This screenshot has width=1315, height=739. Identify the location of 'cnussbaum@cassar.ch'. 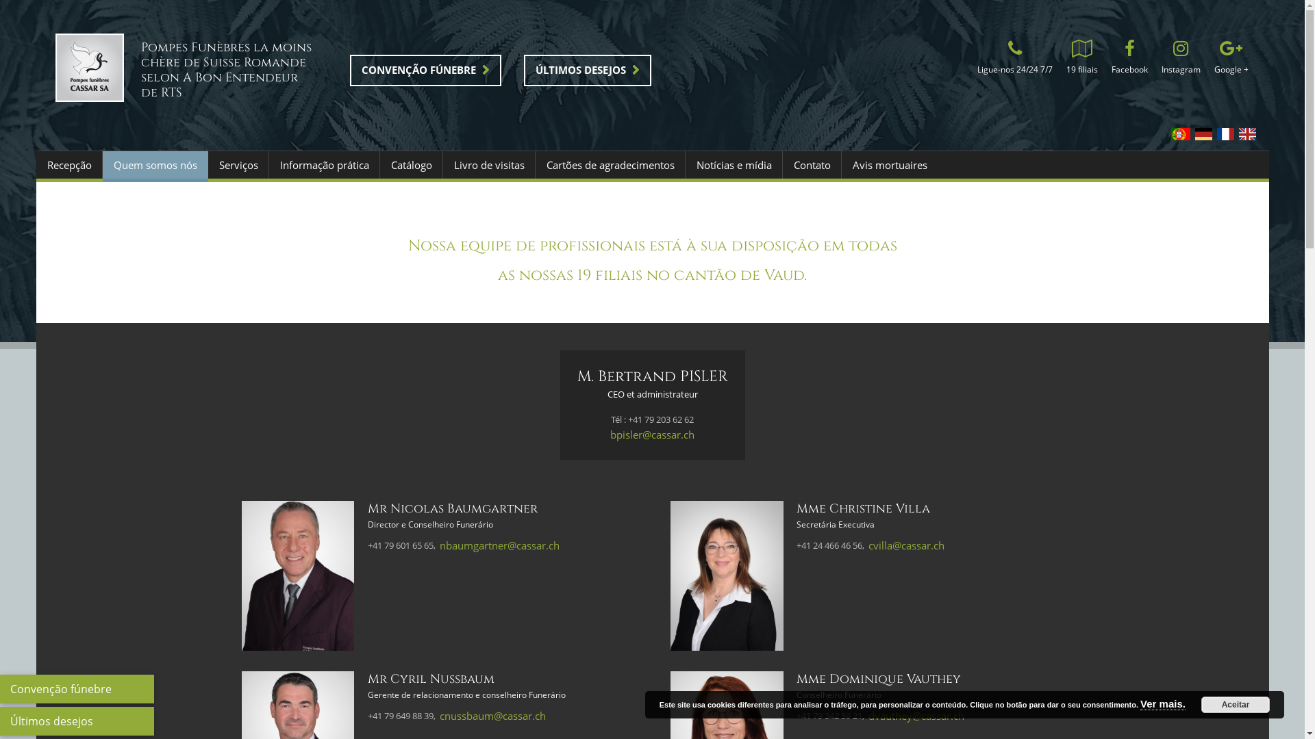
(492, 714).